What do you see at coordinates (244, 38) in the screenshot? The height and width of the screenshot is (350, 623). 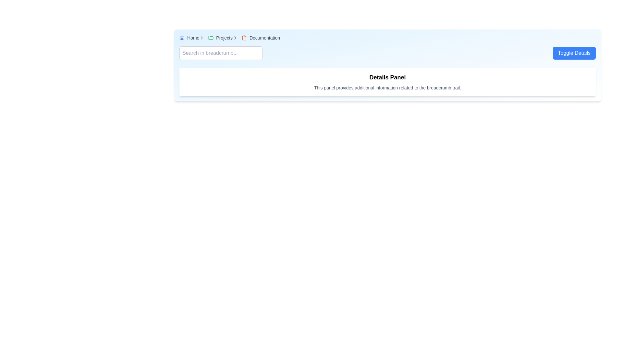 I see `the document icon located in the breadcrumb navigation bar next to the 'Documentation' text label` at bounding box center [244, 38].